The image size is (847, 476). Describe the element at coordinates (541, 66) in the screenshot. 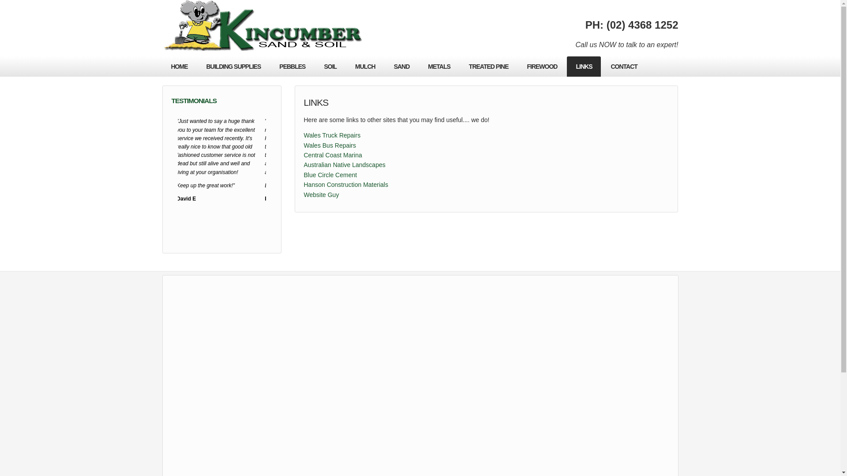

I see `'FIREWOOD'` at that location.